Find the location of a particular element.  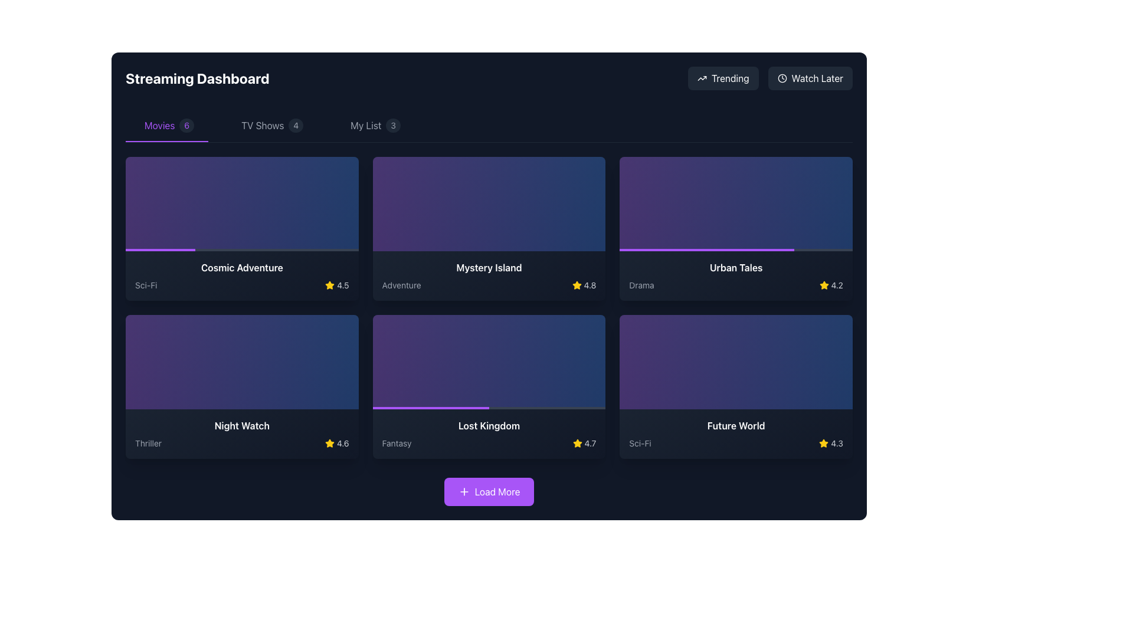

the 'Trending' button located in the top right section of the interface is located at coordinates (702, 78).